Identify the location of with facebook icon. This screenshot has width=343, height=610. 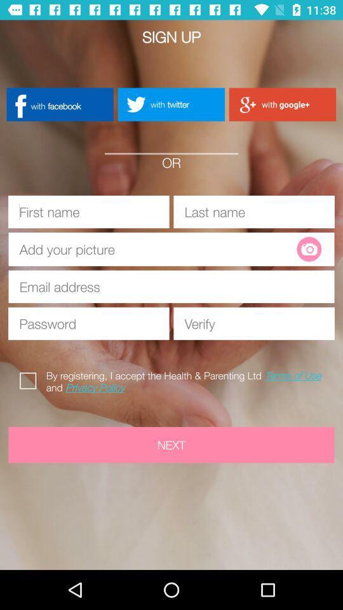
(59, 104).